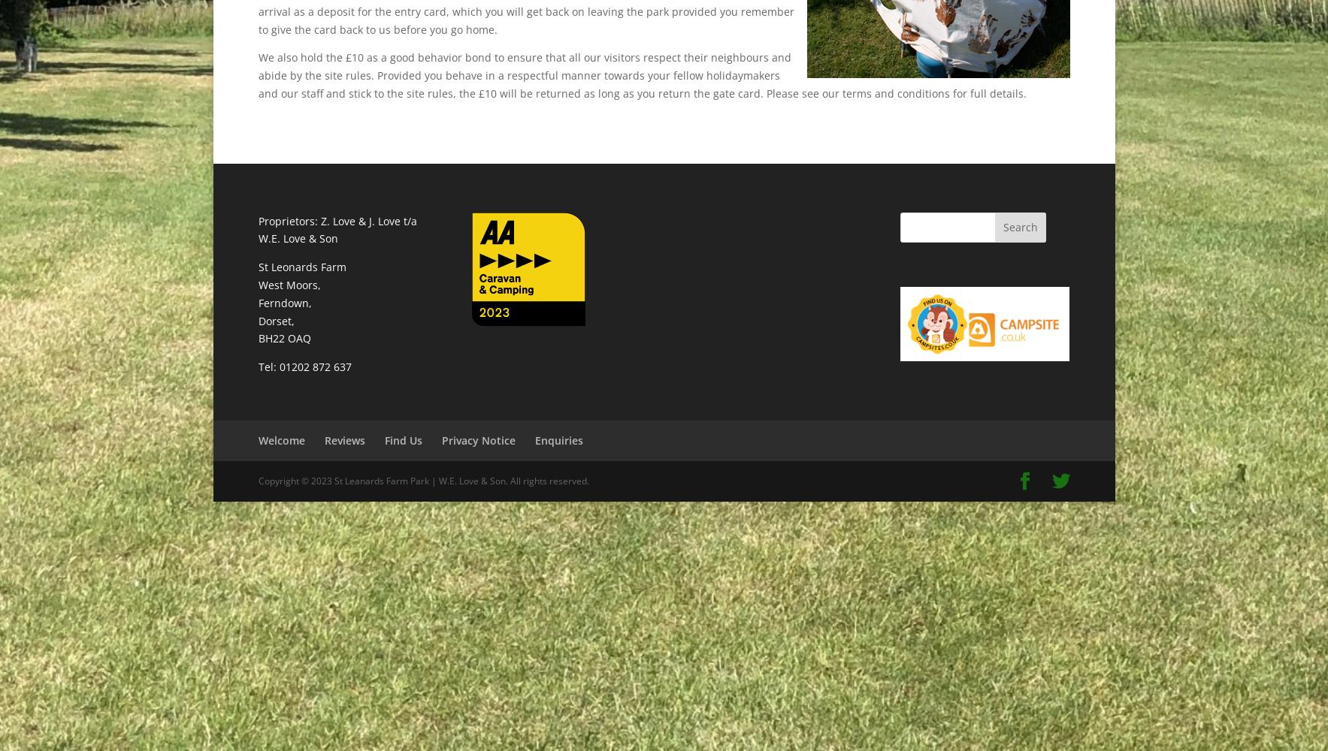 This screenshot has width=1328, height=751. I want to click on 'Proprietors: Z. Love & J. Love t/a W.E. Love & Son', so click(337, 229).